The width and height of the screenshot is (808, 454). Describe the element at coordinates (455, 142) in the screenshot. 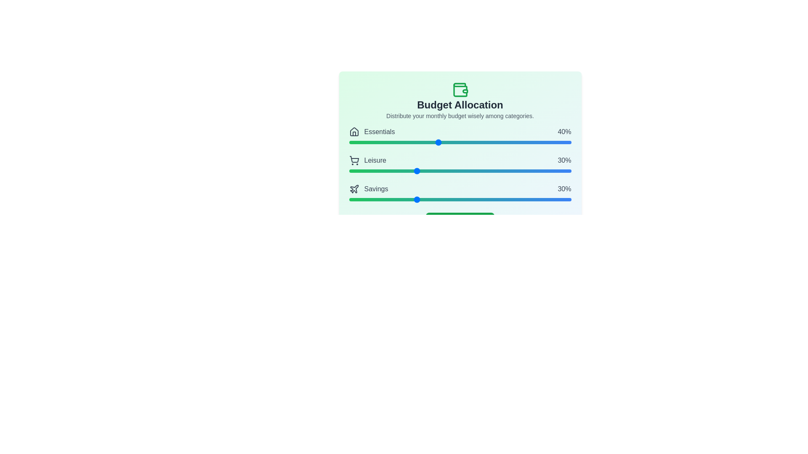

I see `the 'Essentials' slider to 48% allocation` at that location.